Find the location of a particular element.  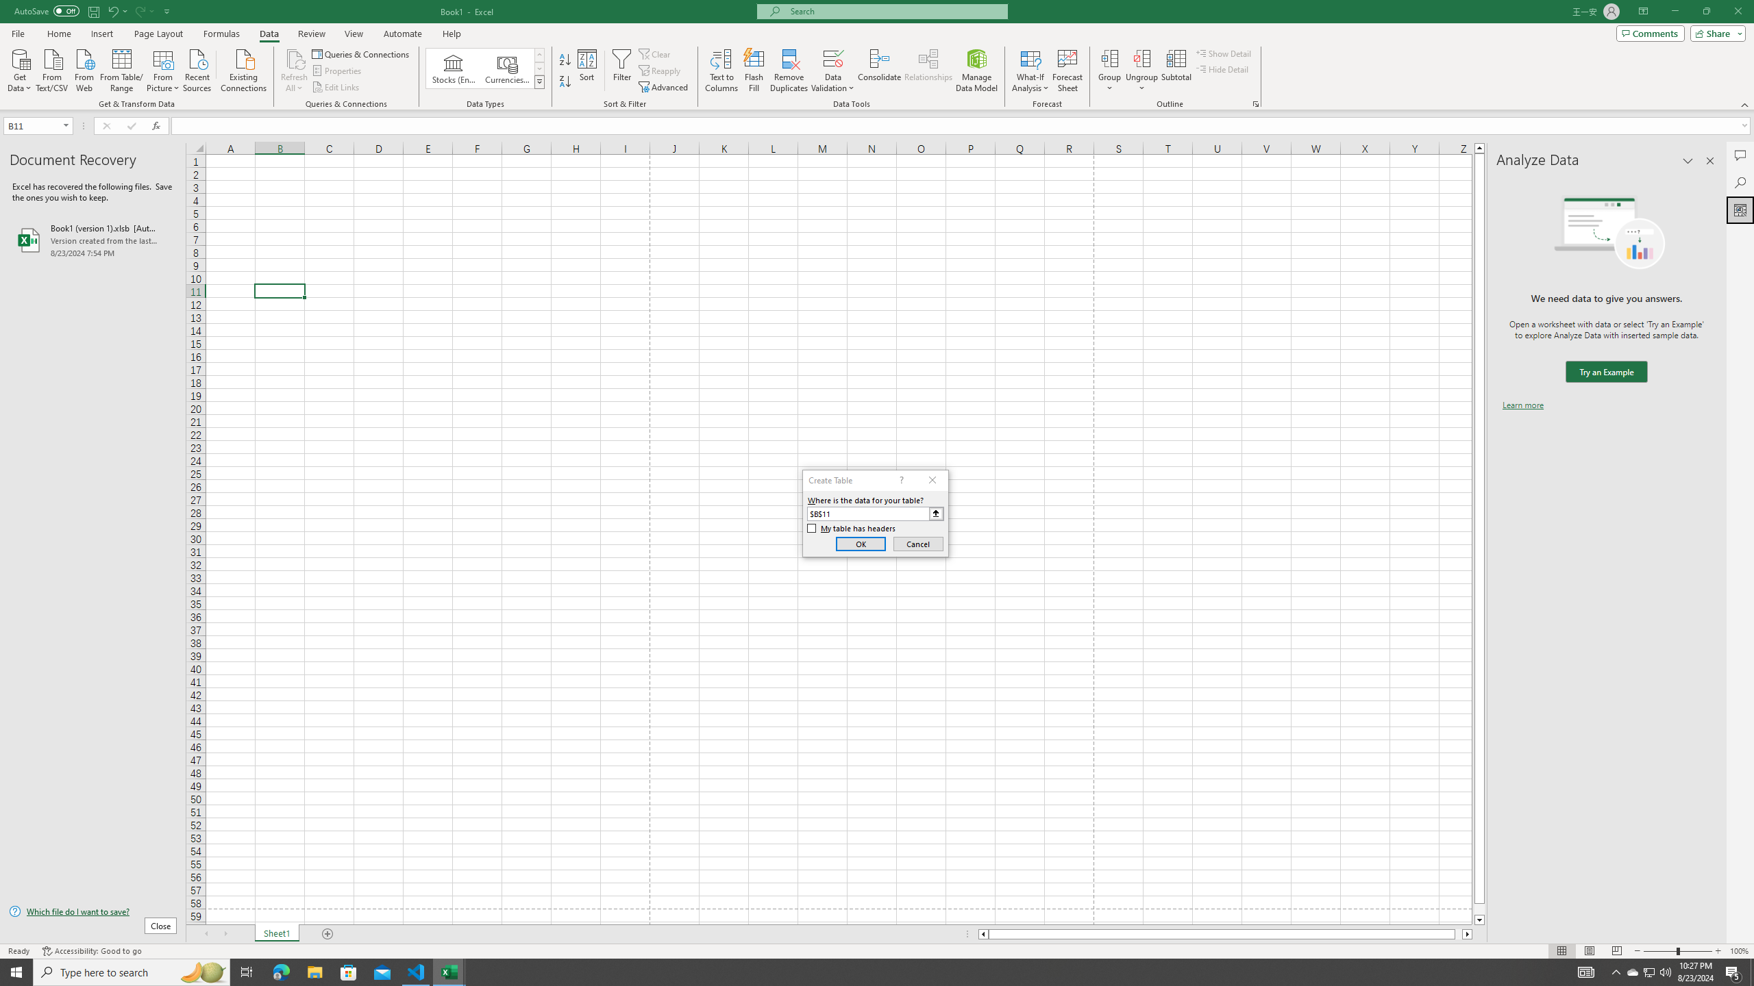

'From Table/Range' is located at coordinates (121, 68).